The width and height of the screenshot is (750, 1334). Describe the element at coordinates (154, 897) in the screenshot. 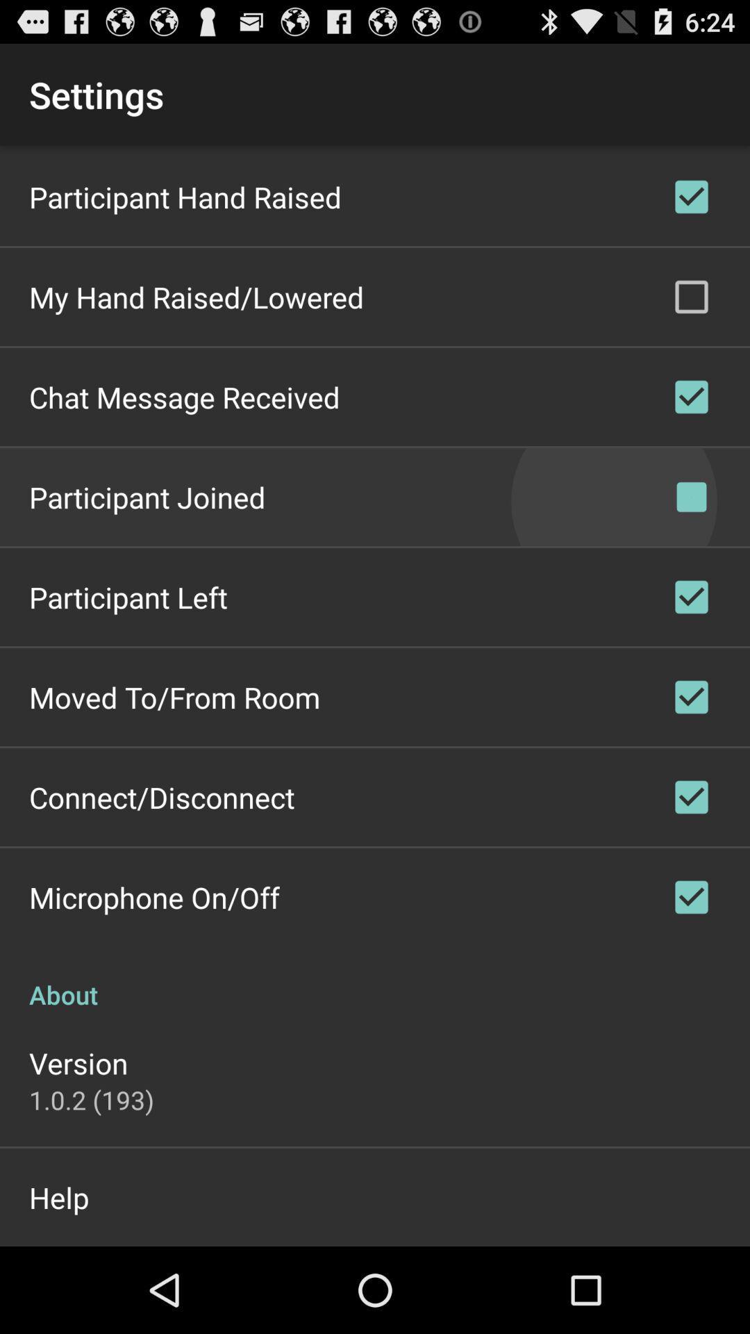

I see `the microphone on/off icon` at that location.